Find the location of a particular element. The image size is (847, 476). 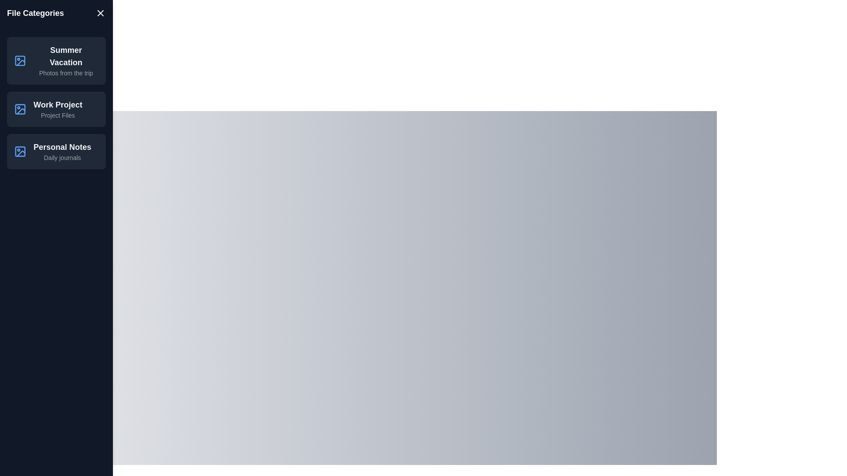

the list item Summer Vacation to observe its hover effect is located at coordinates (56, 60).